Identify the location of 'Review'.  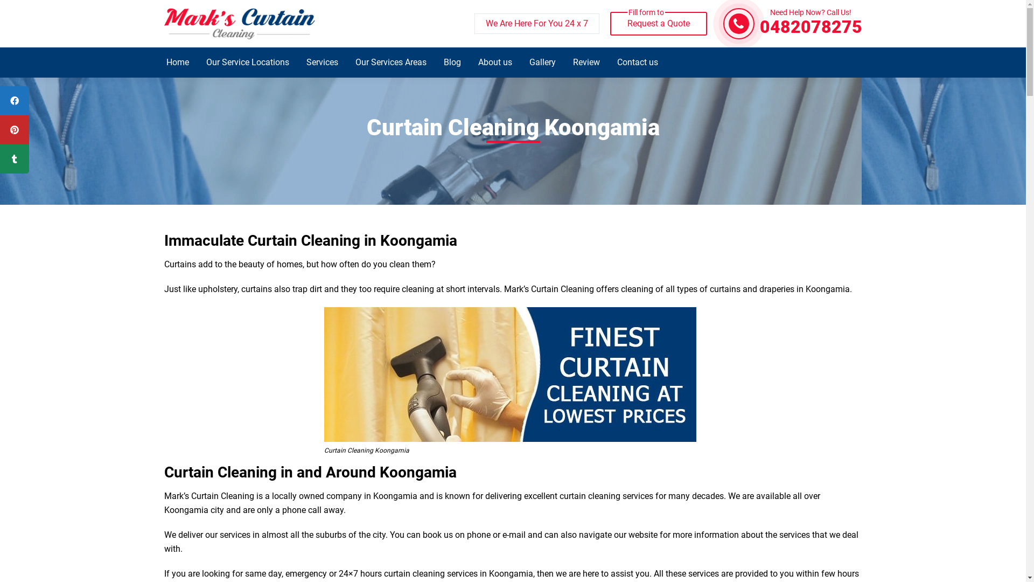
(585, 62).